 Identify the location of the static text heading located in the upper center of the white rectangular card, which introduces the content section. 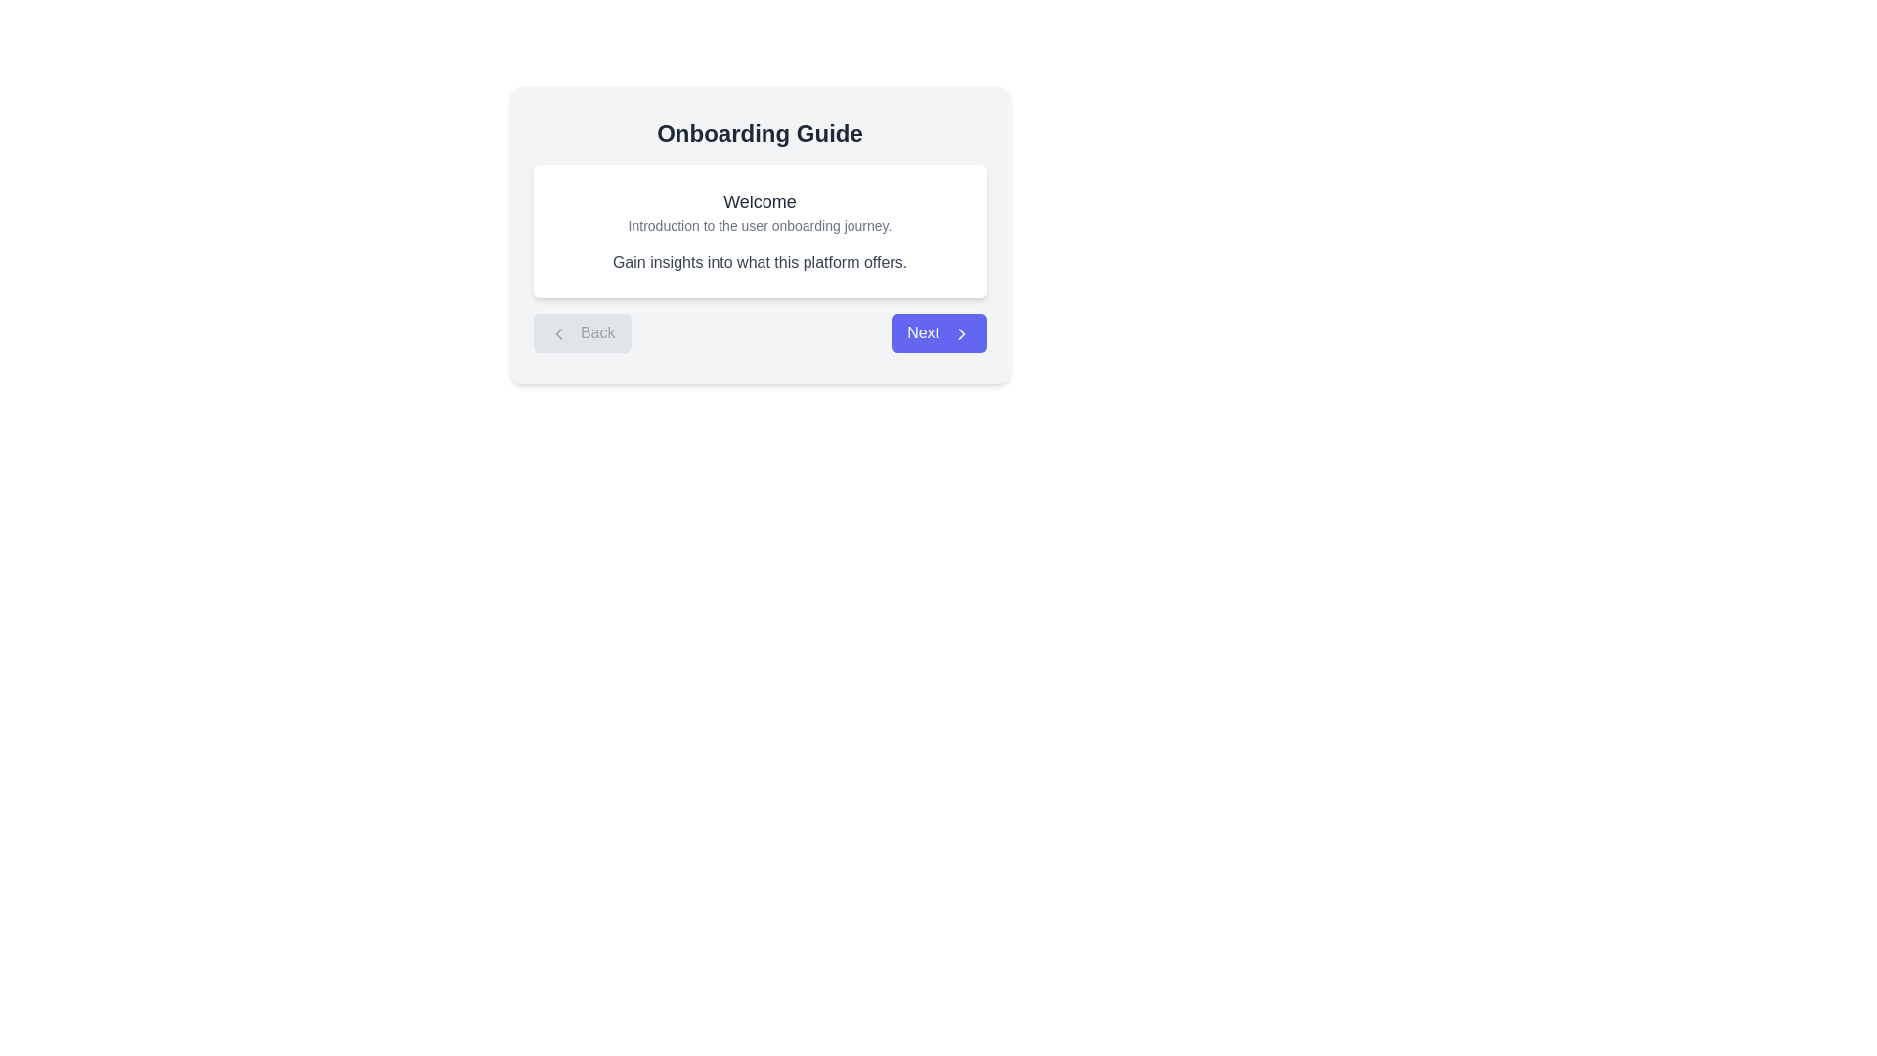
(759, 202).